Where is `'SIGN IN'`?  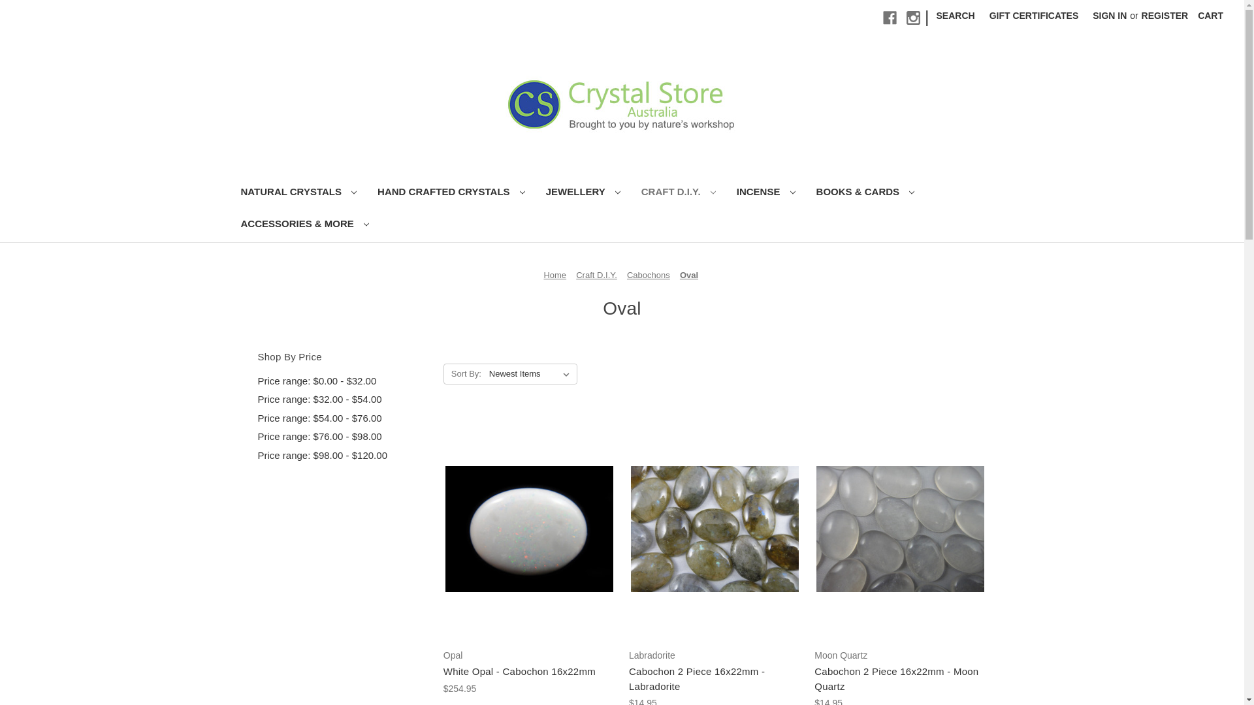
'SIGN IN' is located at coordinates (1109, 16).